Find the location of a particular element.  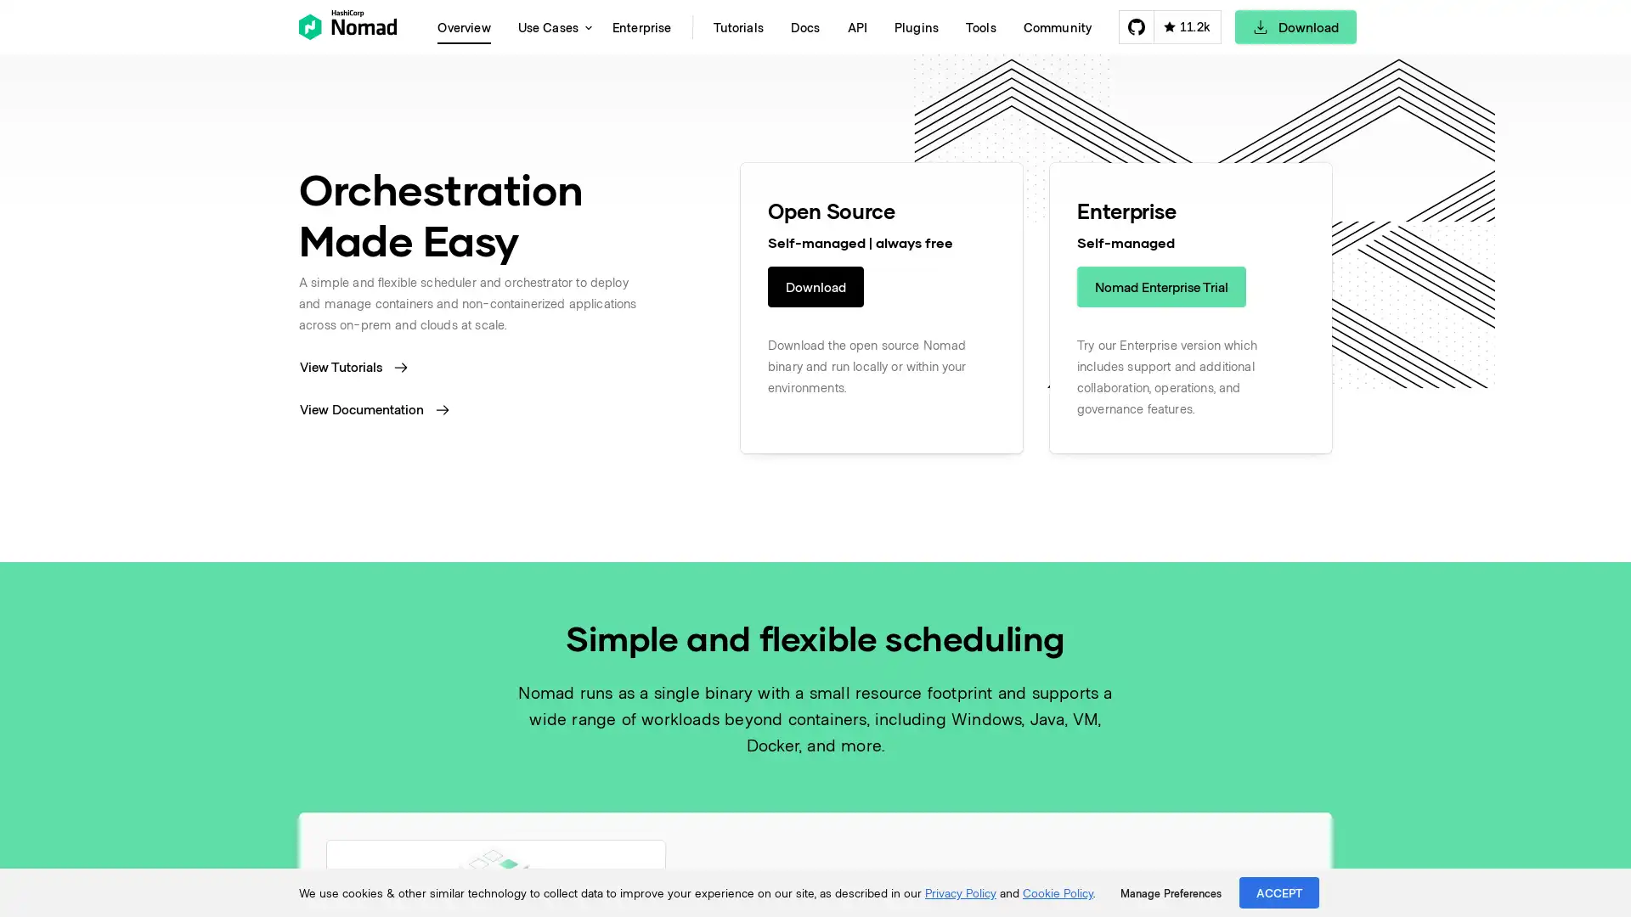

ACCEPT is located at coordinates (1279, 892).